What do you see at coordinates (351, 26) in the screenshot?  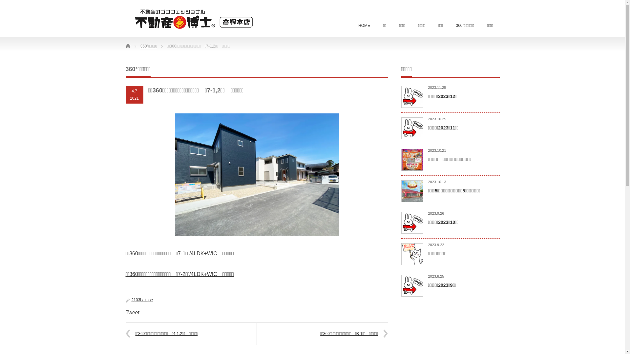 I see `'HOME'` at bounding box center [351, 26].